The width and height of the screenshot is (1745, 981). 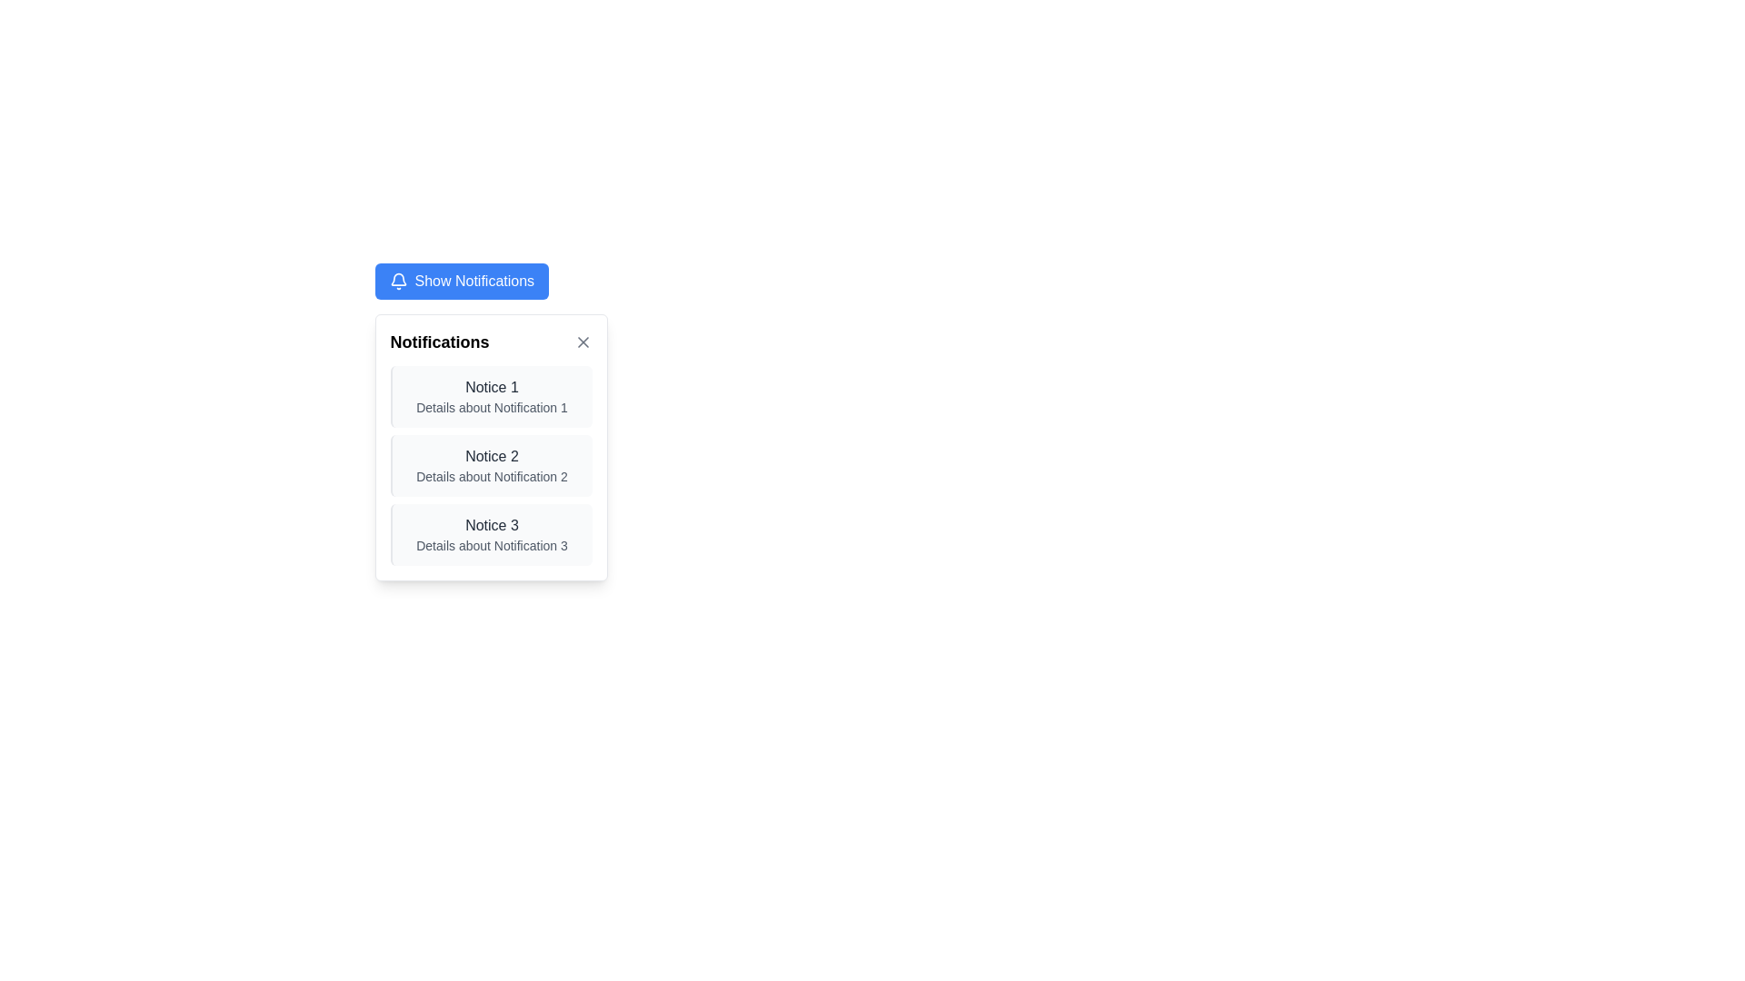 I want to click on the text component displaying 'Details about Notification 3' located below the title 'Notice 3' in the third notification card, so click(x=492, y=545).